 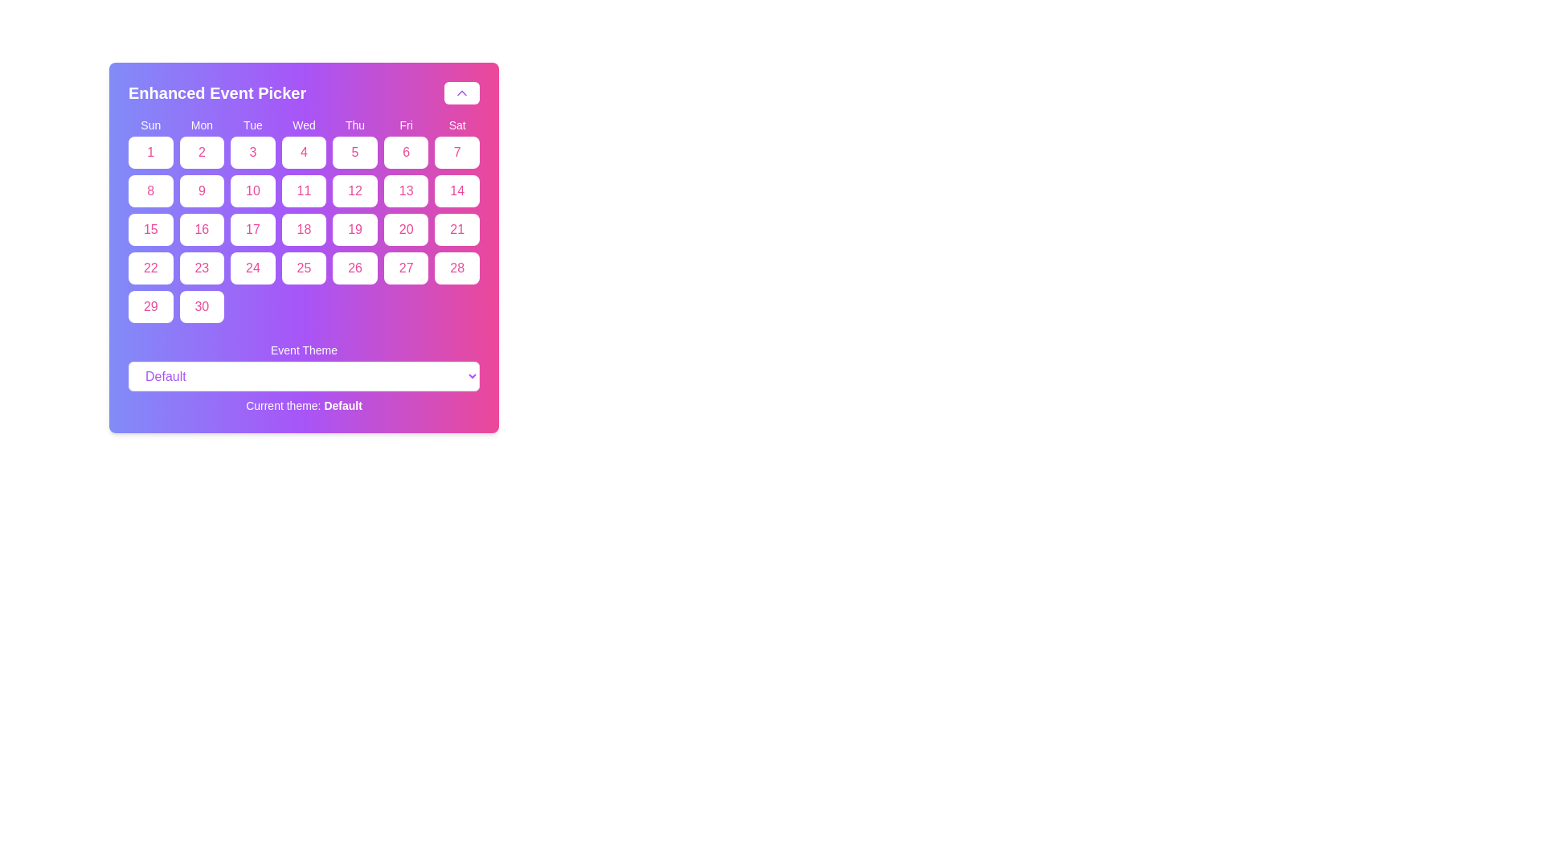 I want to click on the button located in the top-right corner of the 'Enhanced Event Picker', so click(x=461, y=92).